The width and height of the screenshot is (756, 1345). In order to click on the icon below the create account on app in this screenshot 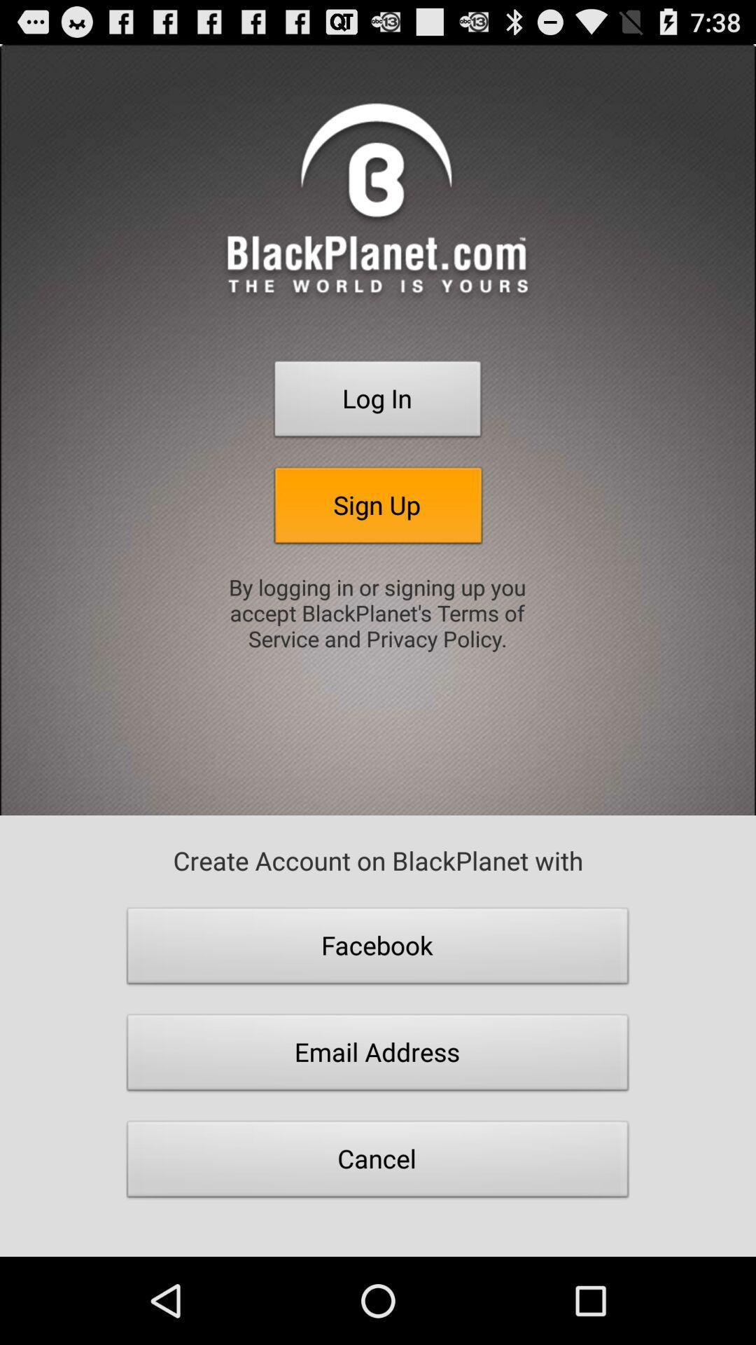, I will do `click(378, 949)`.